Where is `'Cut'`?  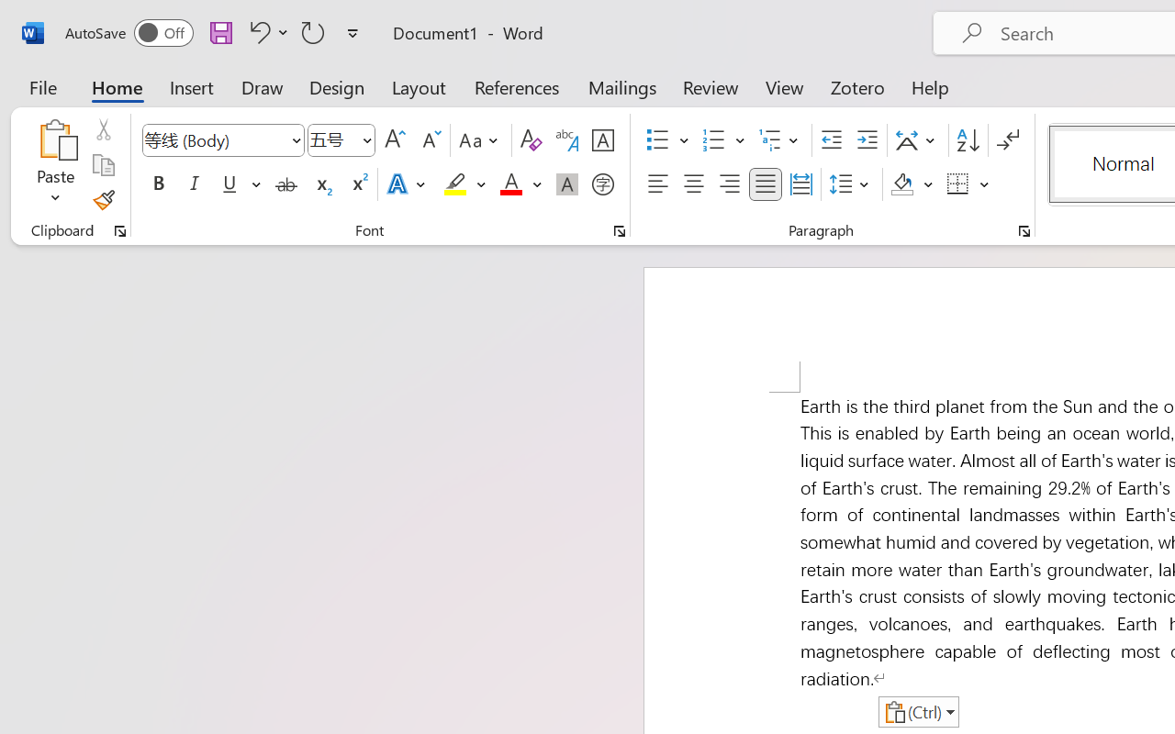 'Cut' is located at coordinates (102, 129).